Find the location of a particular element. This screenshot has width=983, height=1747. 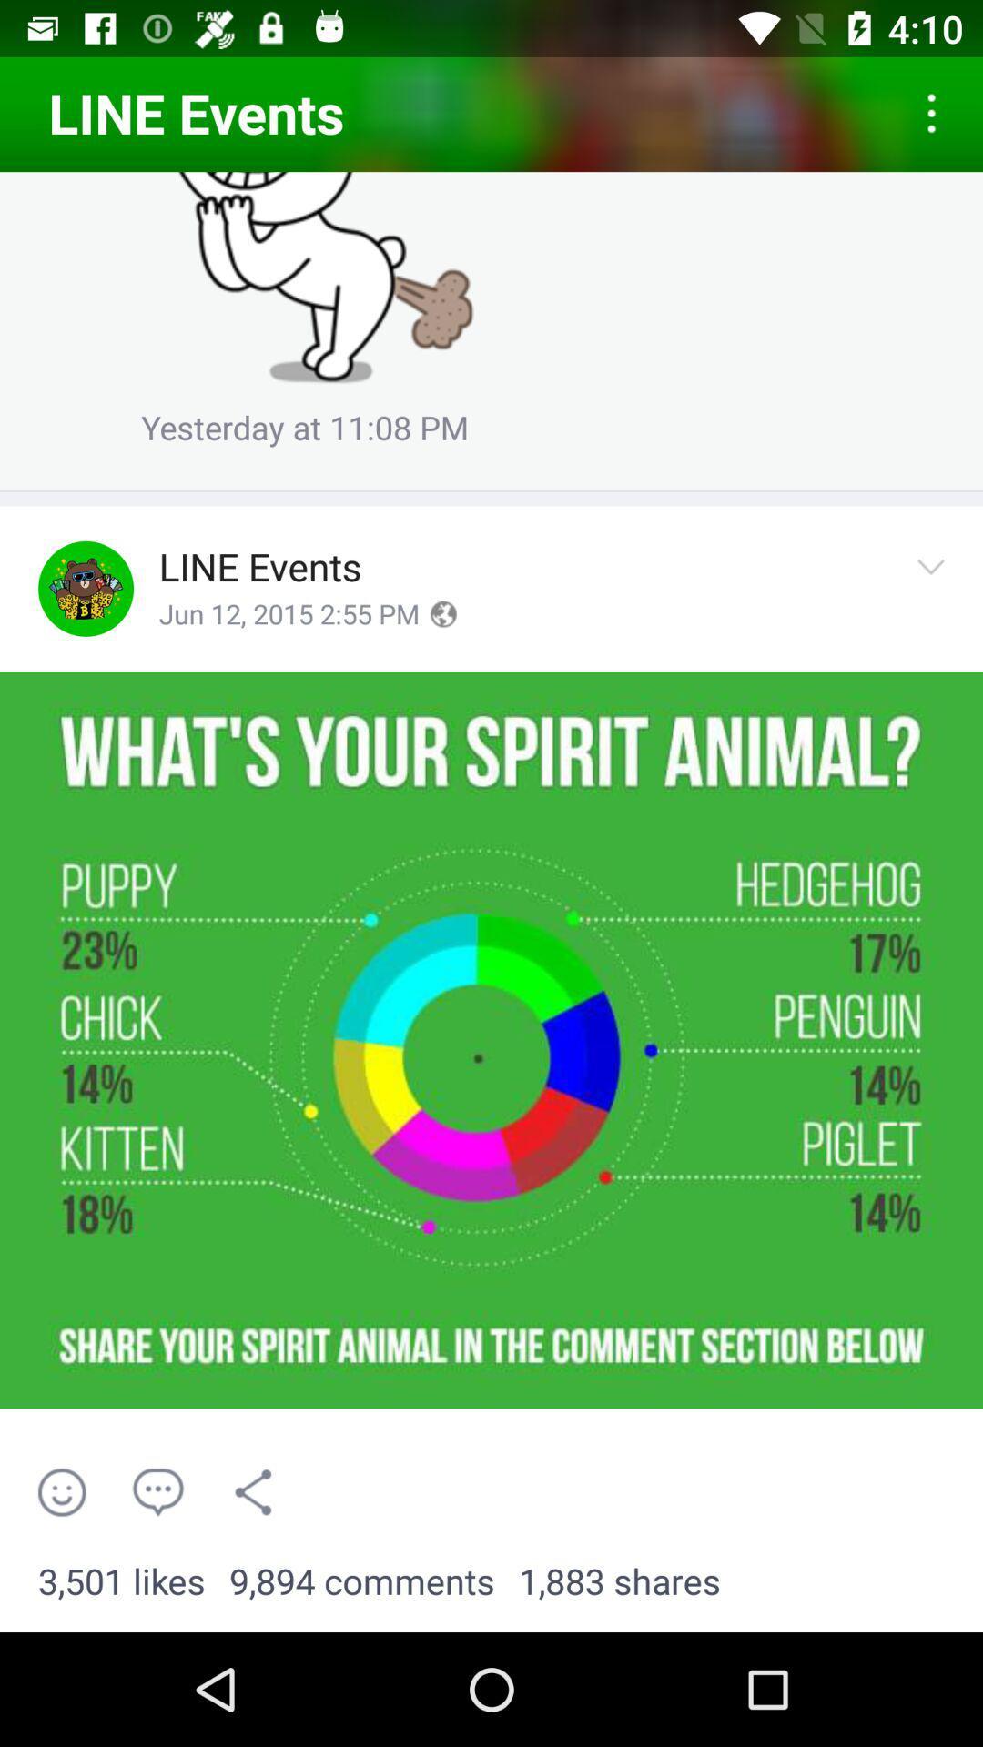

the item above 3,501 likes is located at coordinates (61, 1492).